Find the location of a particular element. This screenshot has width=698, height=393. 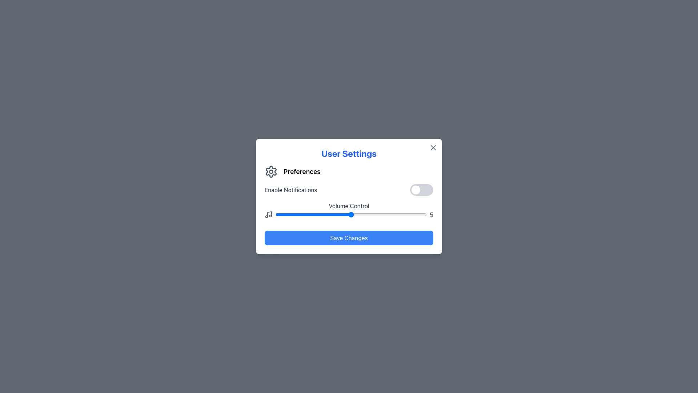

the intricate cog-shaped icon located in the modal header, adjacent to the 'Preferences' label is located at coordinates (270, 171).